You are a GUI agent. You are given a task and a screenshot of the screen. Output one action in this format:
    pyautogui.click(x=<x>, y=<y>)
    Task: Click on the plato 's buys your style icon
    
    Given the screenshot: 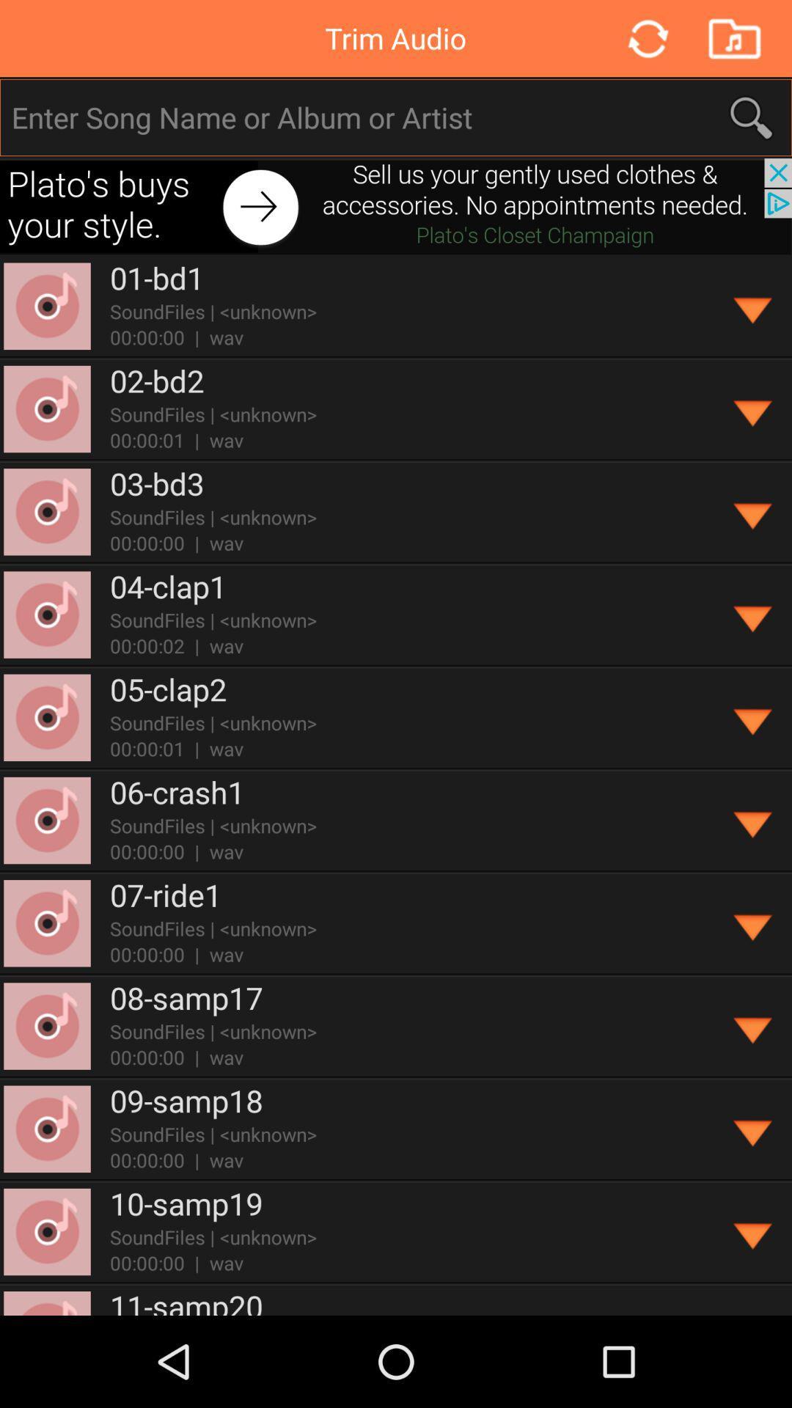 What is the action you would take?
    pyautogui.click(x=396, y=205)
    